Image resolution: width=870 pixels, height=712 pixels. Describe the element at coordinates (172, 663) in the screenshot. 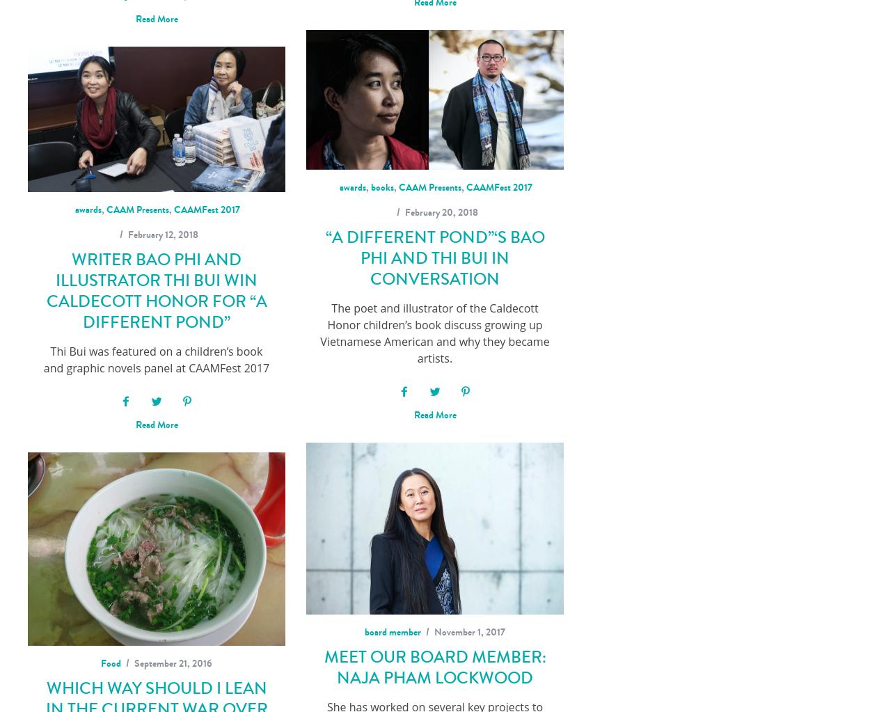

I see `'September 21, 2016'` at that location.